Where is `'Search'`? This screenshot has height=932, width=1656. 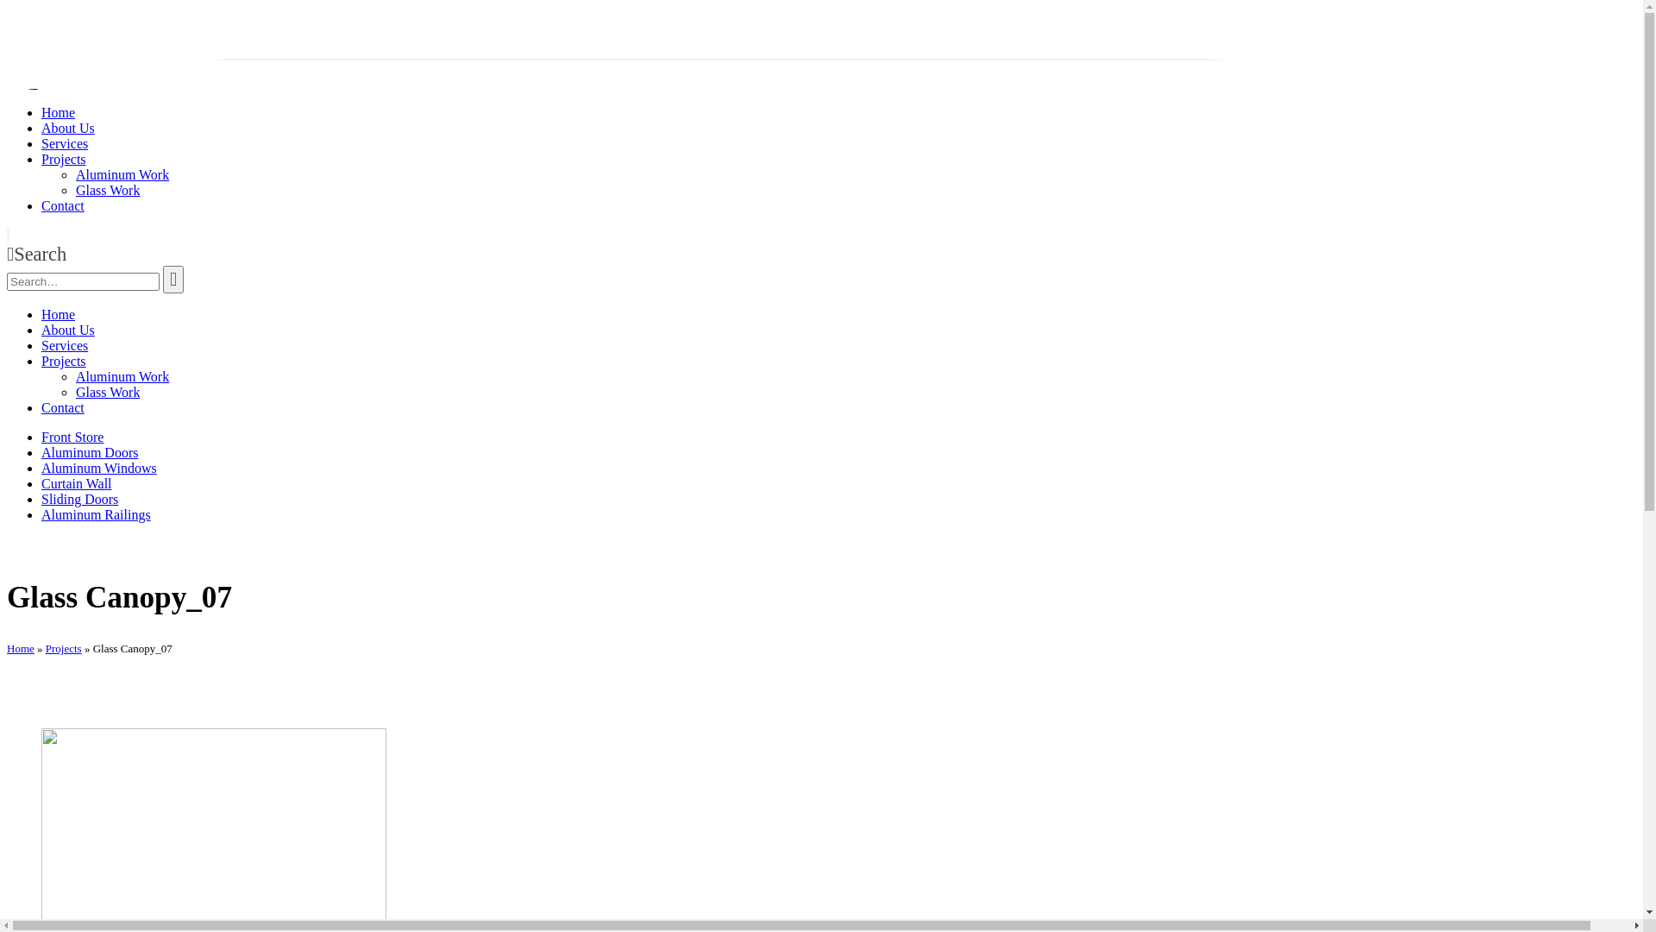 'Search' is located at coordinates (173, 279).